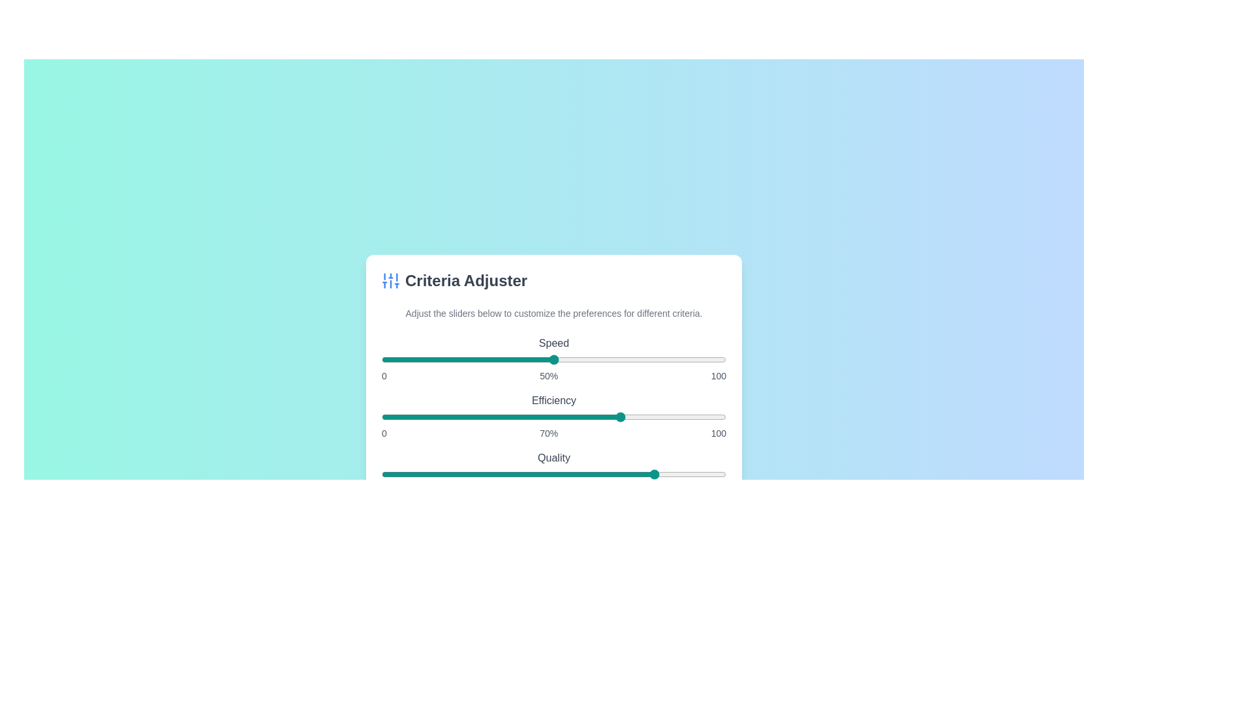 The image size is (1253, 704). Describe the element at coordinates (412, 417) in the screenshot. I see `the Efficiency slider to 9%` at that location.